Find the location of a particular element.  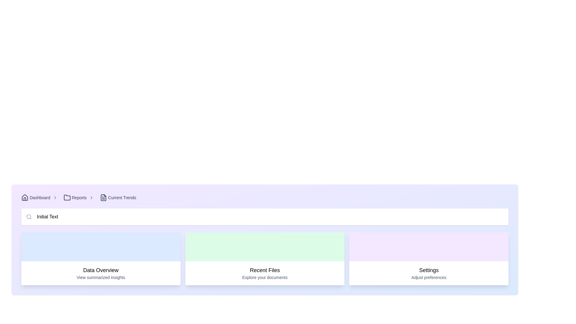

the breadcrumb navigation item that allows users to navigate back to the 'Dashboard' page, located at the top left corner of the interface is located at coordinates (40, 198).